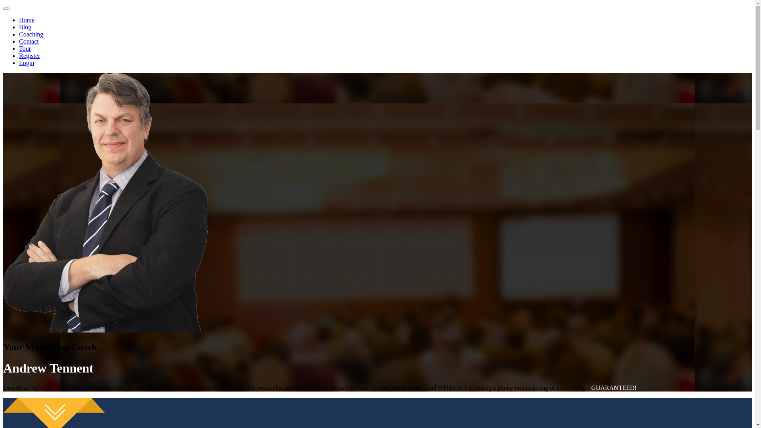 This screenshot has height=428, width=761. What do you see at coordinates (31, 34) in the screenshot?
I see `'Coaching'` at bounding box center [31, 34].